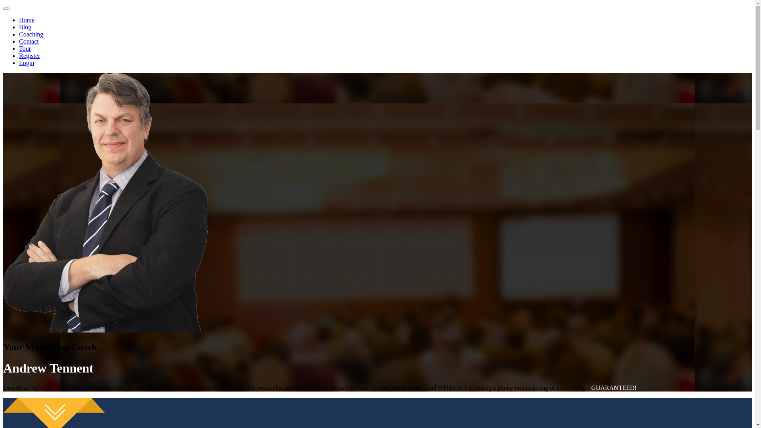 This screenshot has height=428, width=761. What do you see at coordinates (31, 34) in the screenshot?
I see `'Coaching'` at bounding box center [31, 34].